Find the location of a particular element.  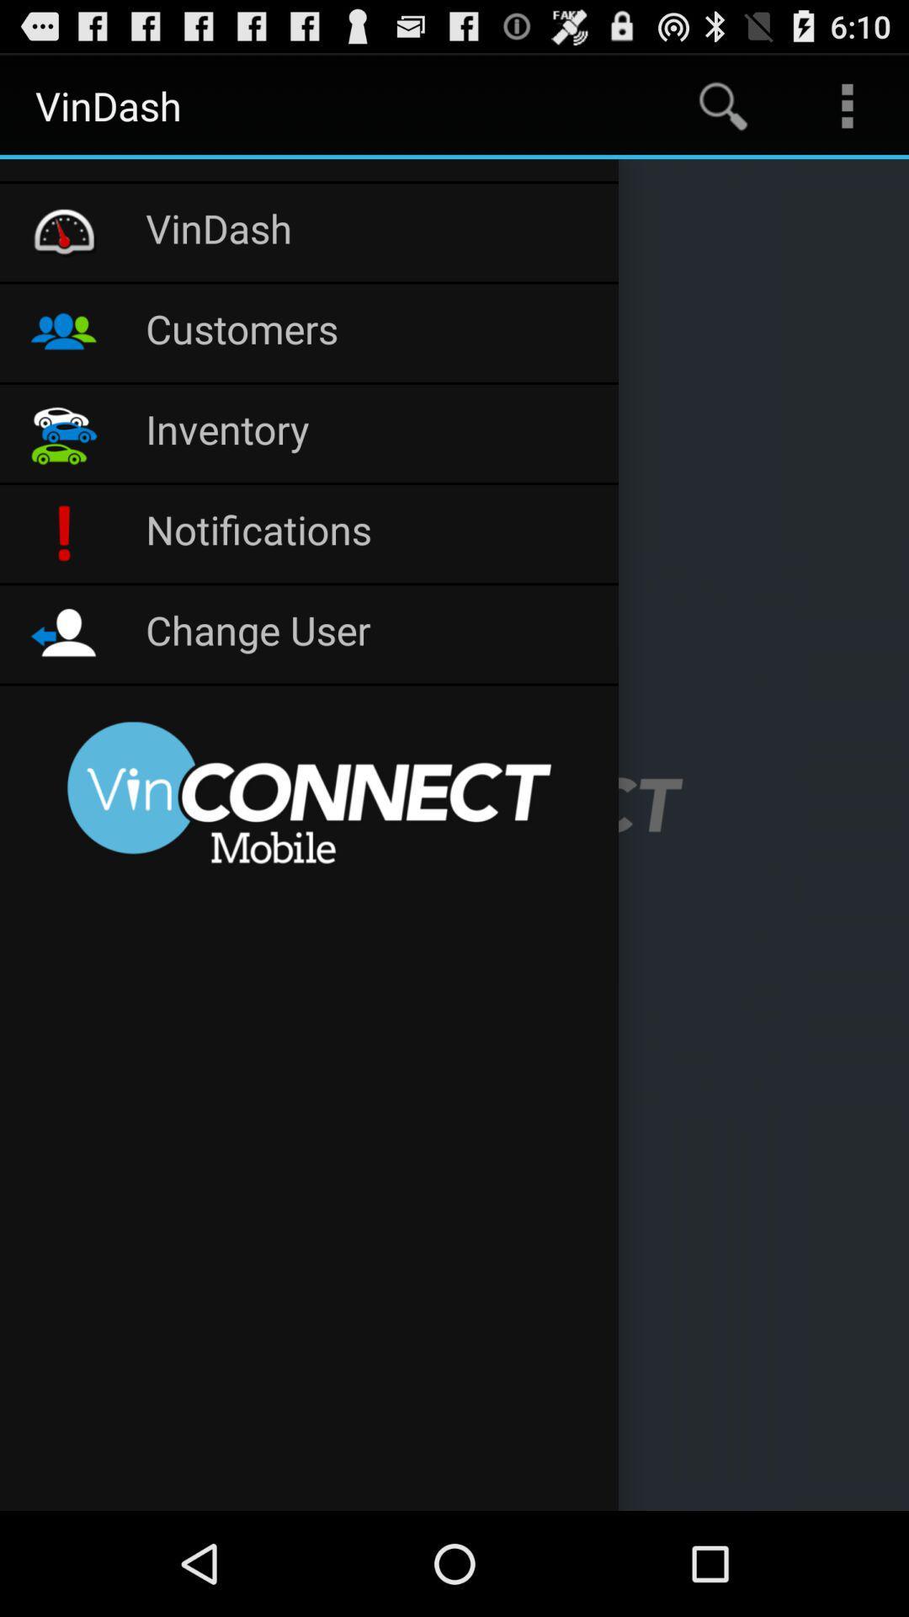

the notifications icon is located at coordinates (372, 532).